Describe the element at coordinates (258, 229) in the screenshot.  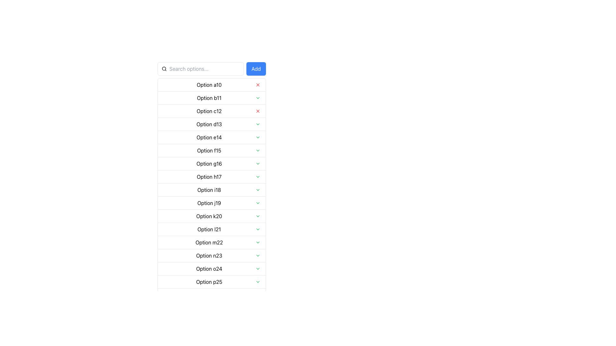
I see `the green downward-pointing chevron icon located at the right end of the list item labeled 'Option l21'` at that location.